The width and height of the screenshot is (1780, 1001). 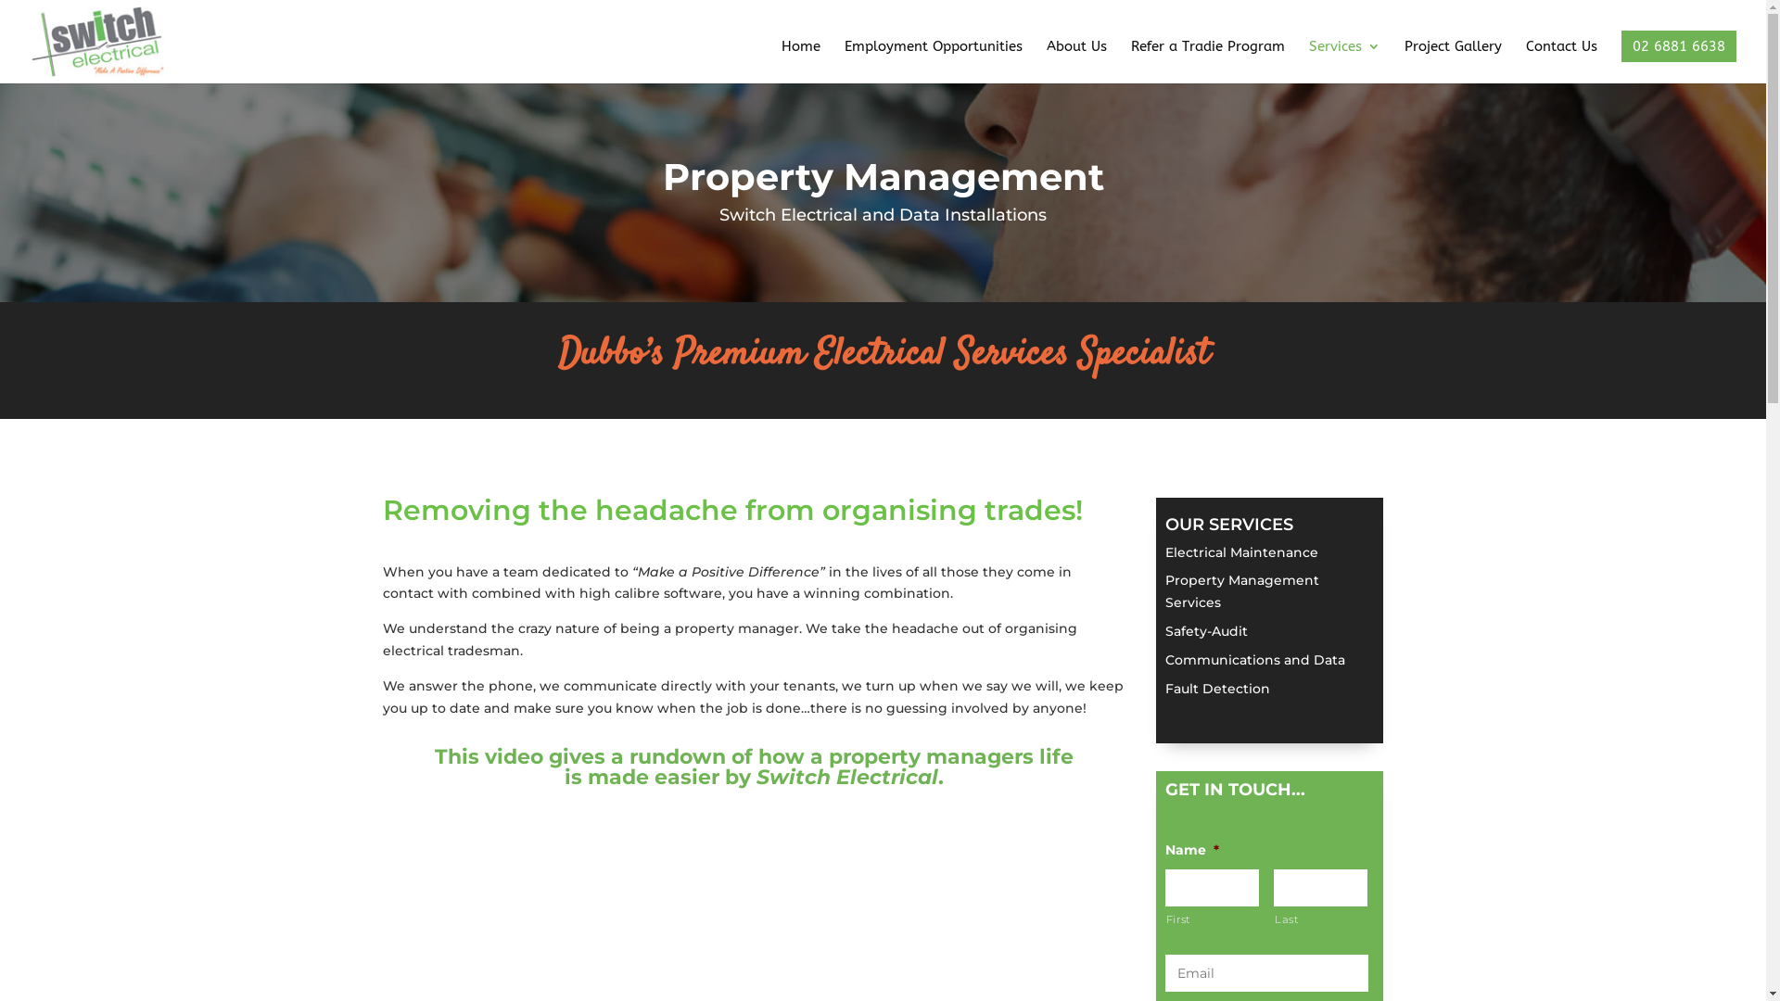 I want to click on 'Contact Us', so click(x=1560, y=60).